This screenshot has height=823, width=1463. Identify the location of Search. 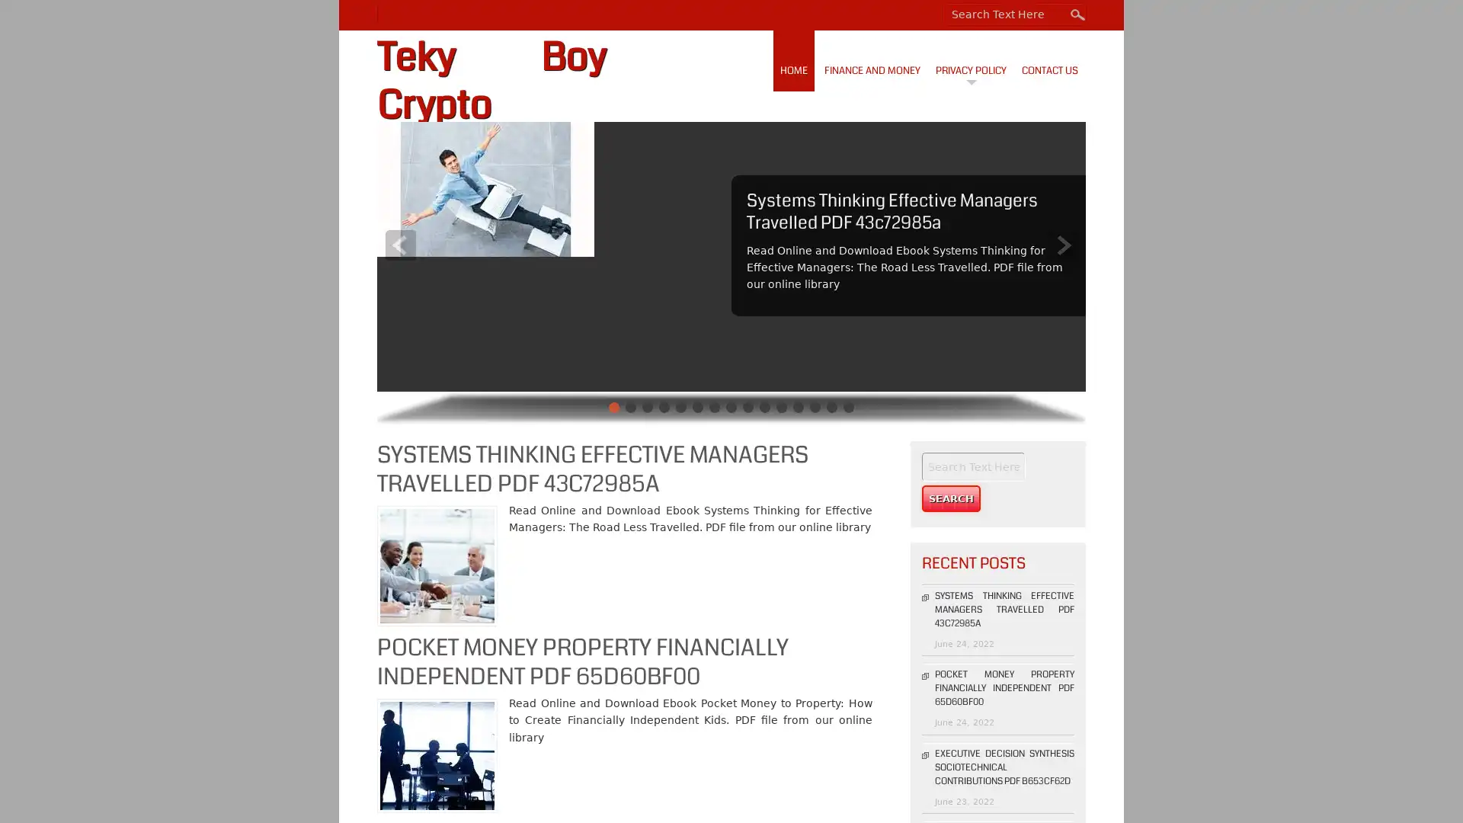
(950, 498).